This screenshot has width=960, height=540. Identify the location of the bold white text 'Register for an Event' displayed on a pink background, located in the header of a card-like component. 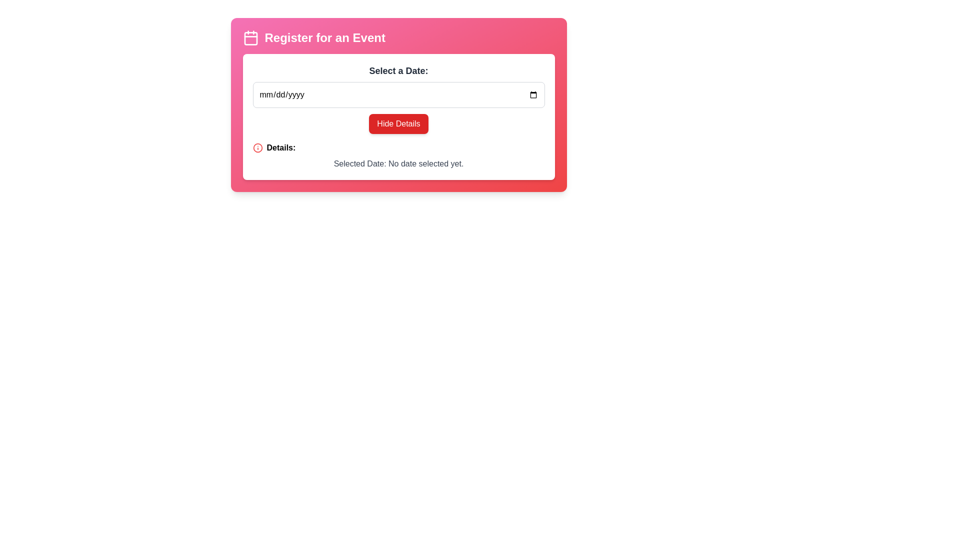
(325, 37).